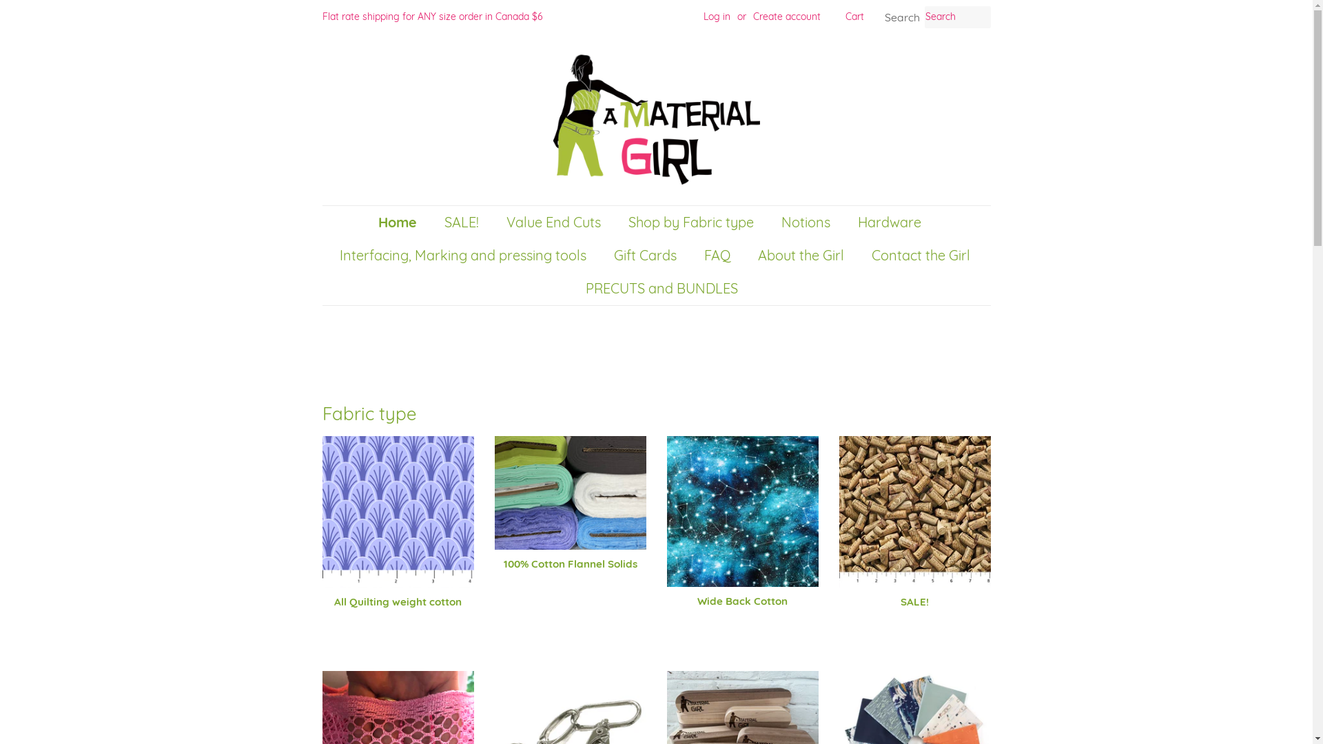  Describe the element at coordinates (377, 222) in the screenshot. I see `'Home'` at that location.